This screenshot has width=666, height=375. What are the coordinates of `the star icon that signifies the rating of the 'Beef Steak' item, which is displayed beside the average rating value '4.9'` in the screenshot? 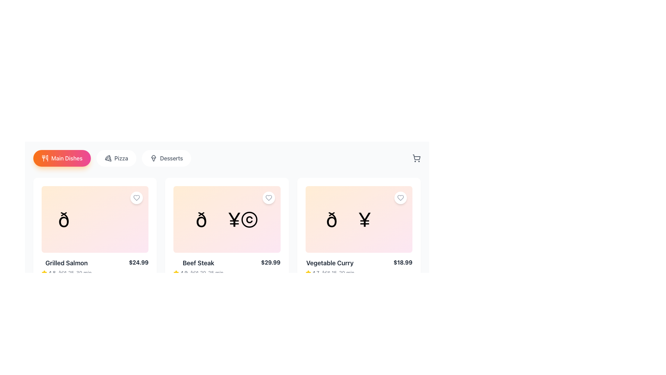 It's located at (176, 273).